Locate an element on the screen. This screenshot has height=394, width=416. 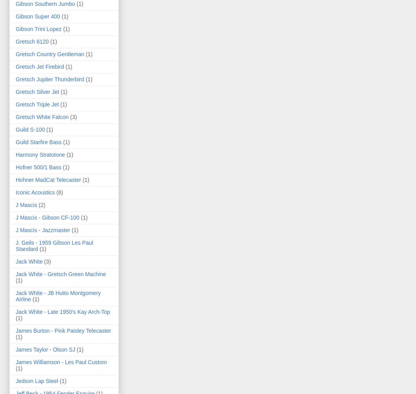
'James Burton - Pink Paisley Telecaster' is located at coordinates (63, 330).